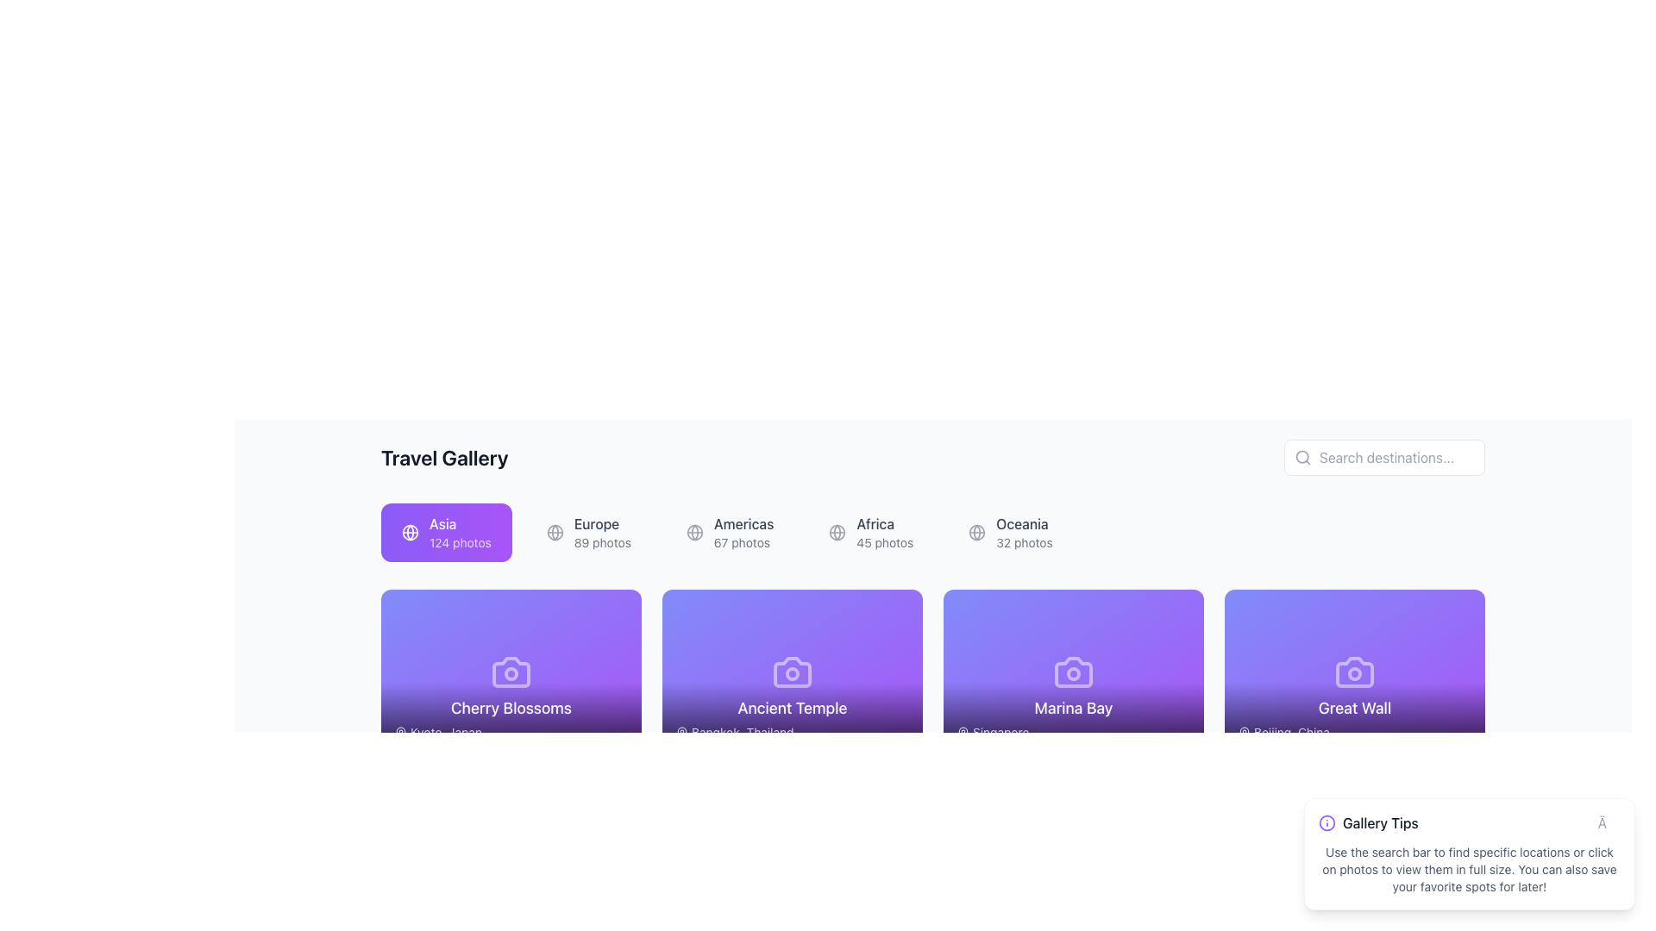  I want to click on the label displaying '32 photos' that is styled with a small font size and gray color, positioned beneath the title 'Oceania', so click(1024, 541).